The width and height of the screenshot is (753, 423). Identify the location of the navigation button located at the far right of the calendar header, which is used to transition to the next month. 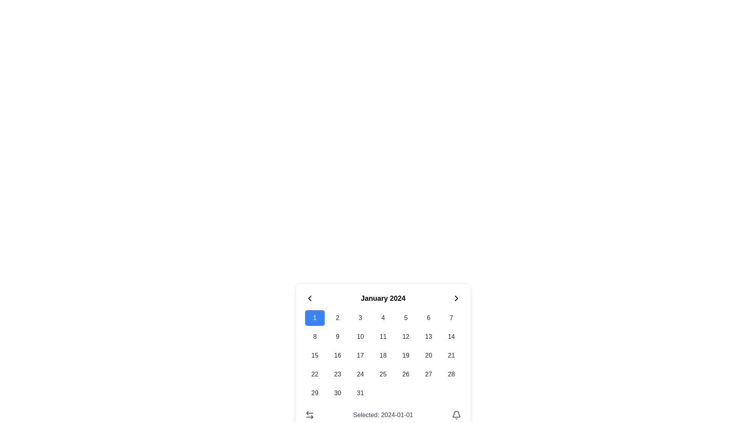
(456, 298).